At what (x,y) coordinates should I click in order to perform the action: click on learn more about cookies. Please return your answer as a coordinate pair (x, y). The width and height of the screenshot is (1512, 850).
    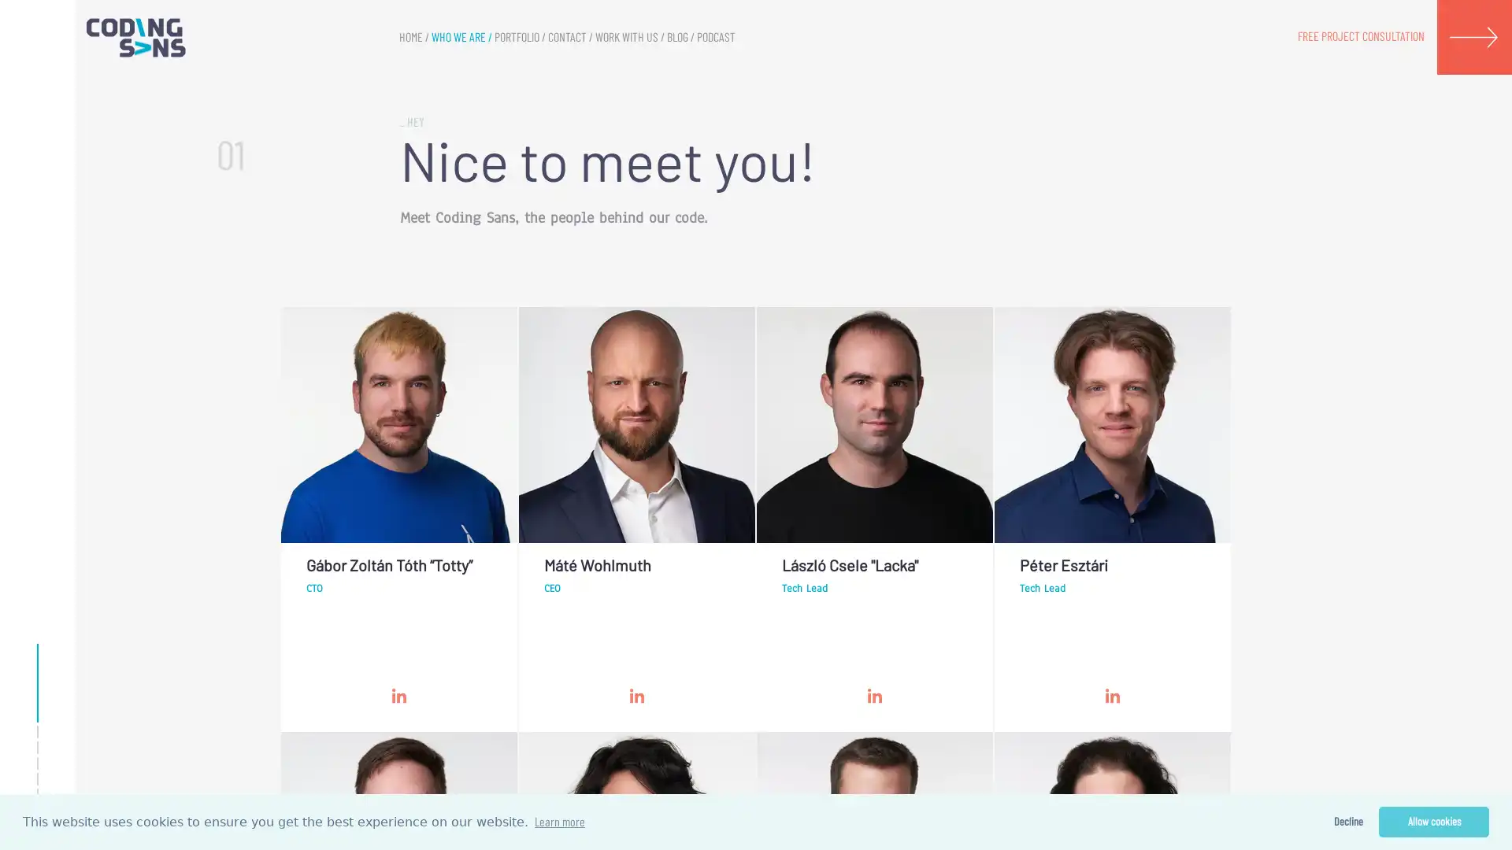
    Looking at the image, I should click on (559, 821).